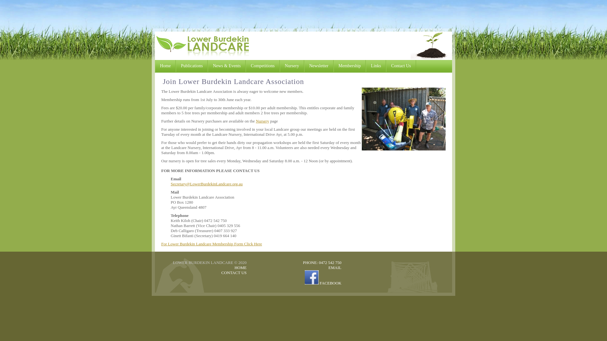  What do you see at coordinates (262, 66) in the screenshot?
I see `'Competitions'` at bounding box center [262, 66].